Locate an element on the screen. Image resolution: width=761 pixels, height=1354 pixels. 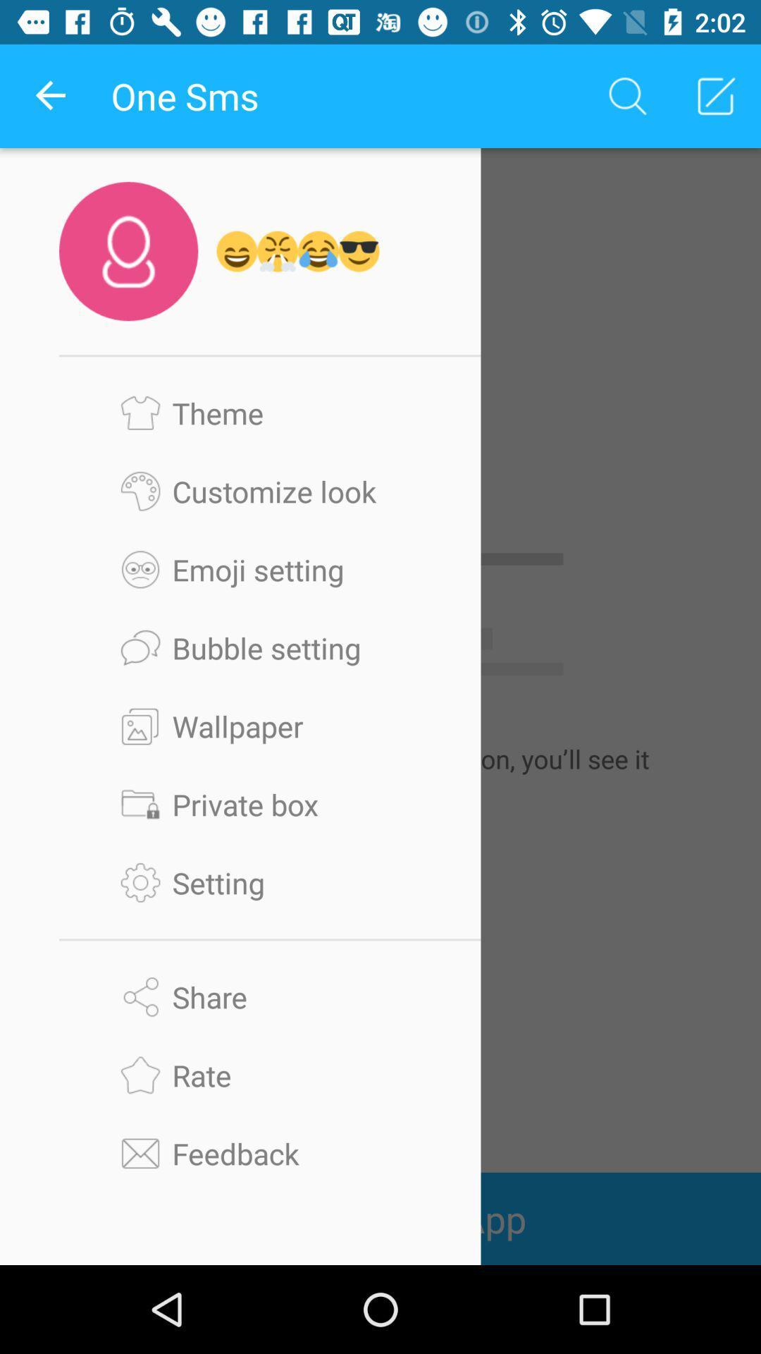
customize look is located at coordinates (270, 491).